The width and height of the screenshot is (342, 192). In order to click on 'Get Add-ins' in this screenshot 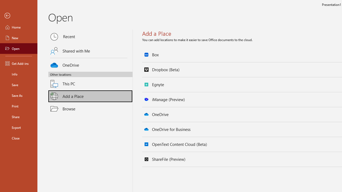, I will do `click(18, 63)`.